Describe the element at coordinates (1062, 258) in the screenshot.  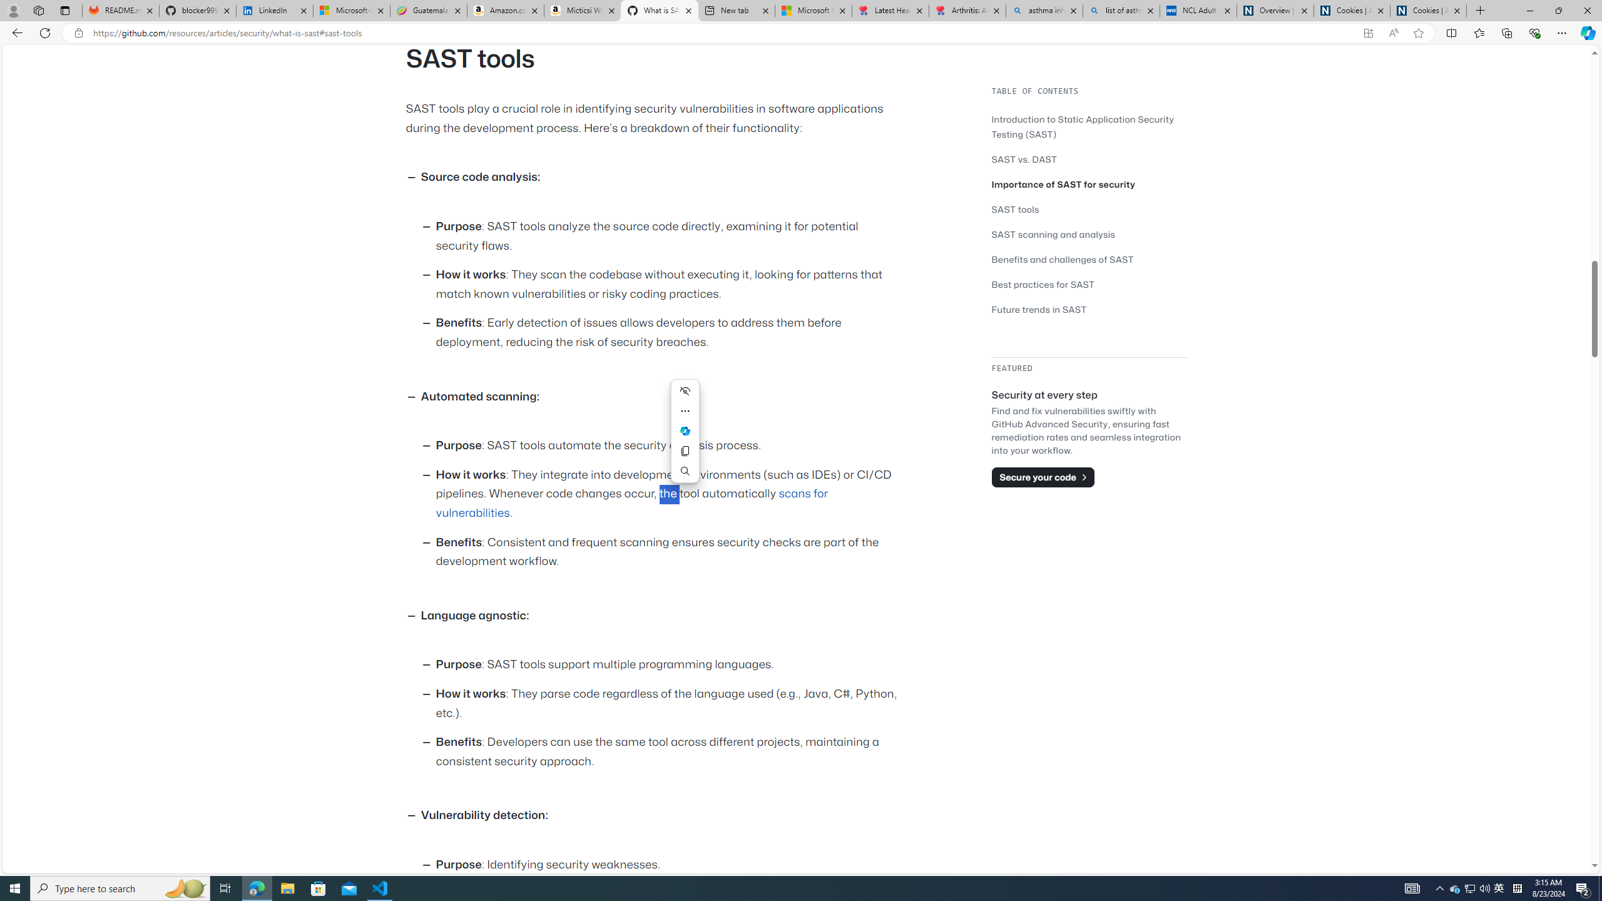
I see `'Benefits and challenges of SAST'` at that location.